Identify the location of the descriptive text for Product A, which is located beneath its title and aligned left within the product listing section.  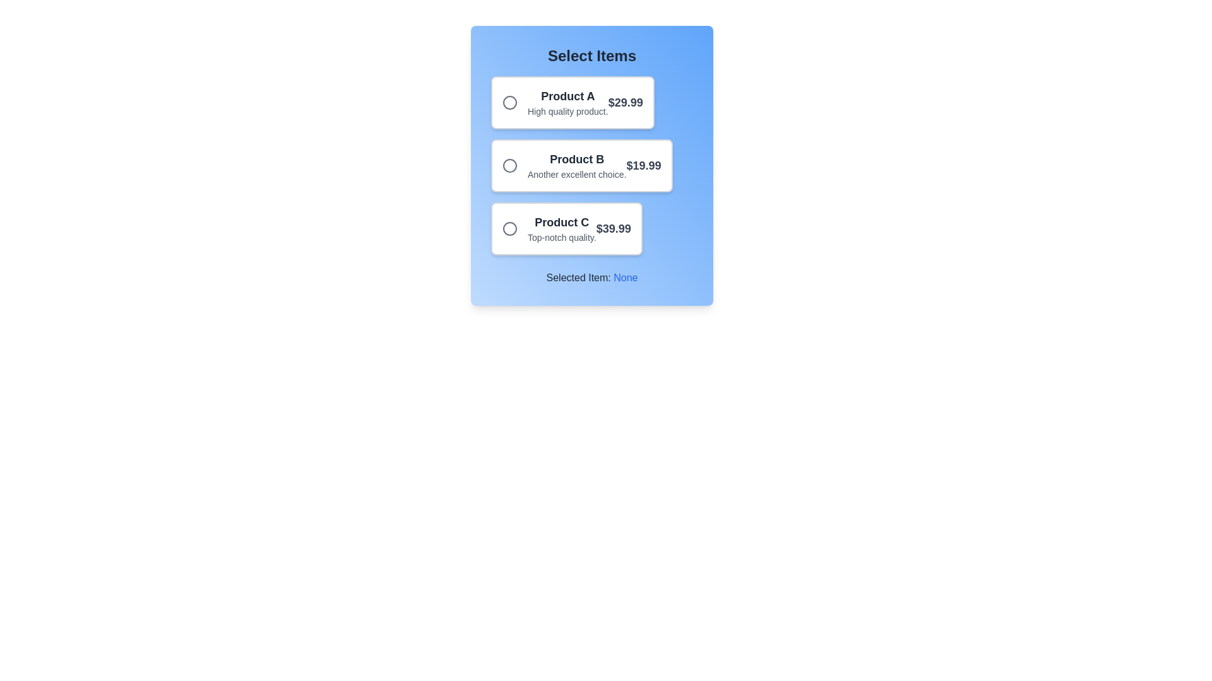
(567, 111).